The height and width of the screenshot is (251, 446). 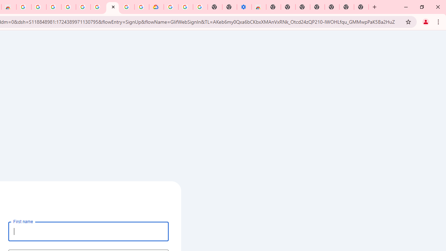 I want to click on 'Create your Google Account', so click(x=113, y=7).